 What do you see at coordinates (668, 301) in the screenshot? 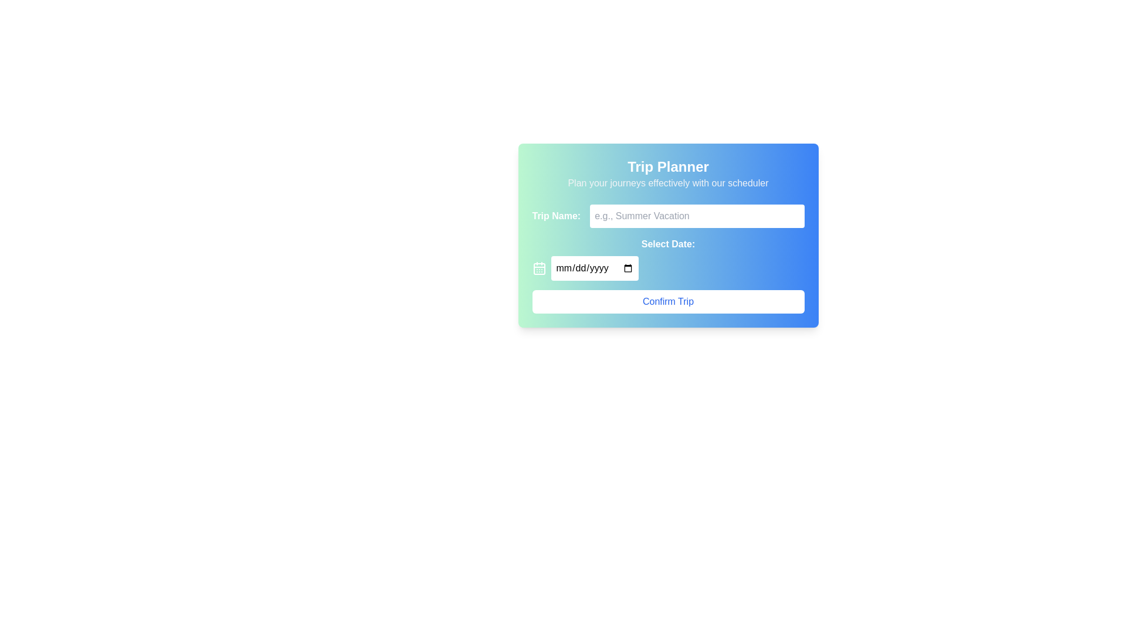
I see `the 'Confirm Trip' button, which is a rectangular button with a white background and medium blue text, located at the bottom of the 'Trip Planner' section` at bounding box center [668, 301].